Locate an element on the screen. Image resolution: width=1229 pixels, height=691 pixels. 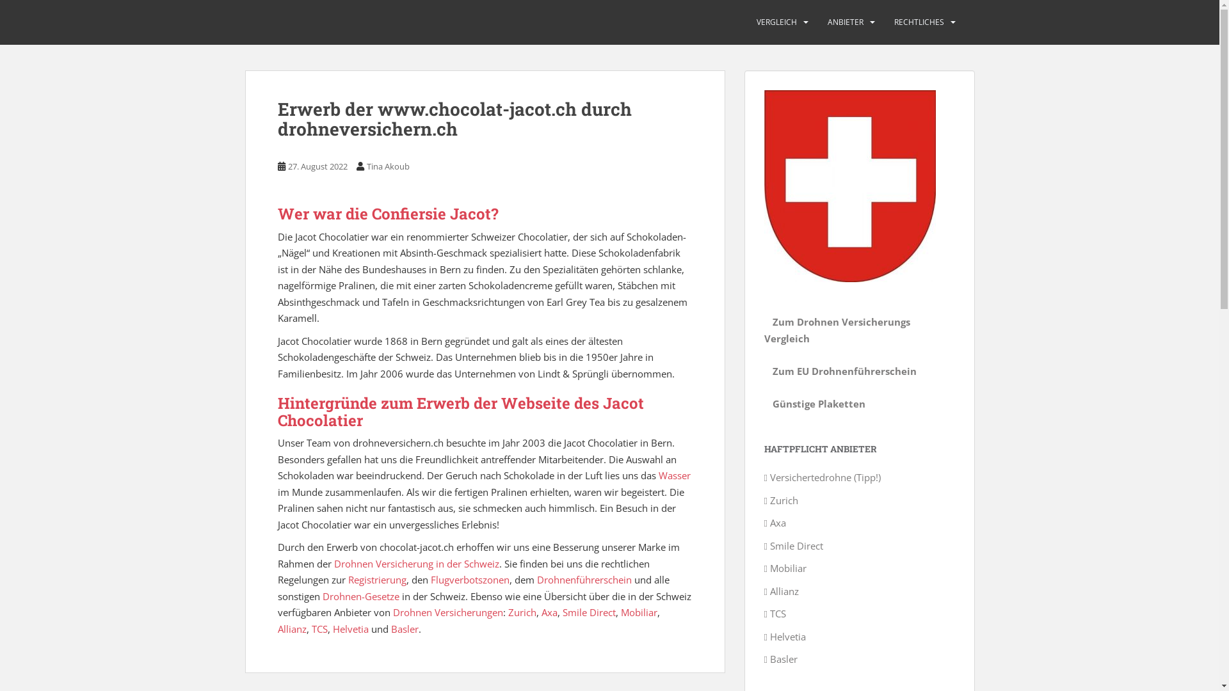
'Wasser' is located at coordinates (673, 475).